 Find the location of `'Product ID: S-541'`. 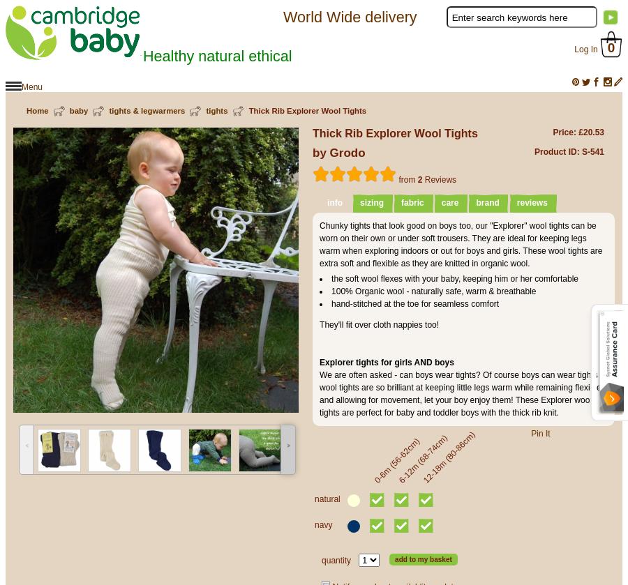

'Product ID: S-541' is located at coordinates (569, 151).